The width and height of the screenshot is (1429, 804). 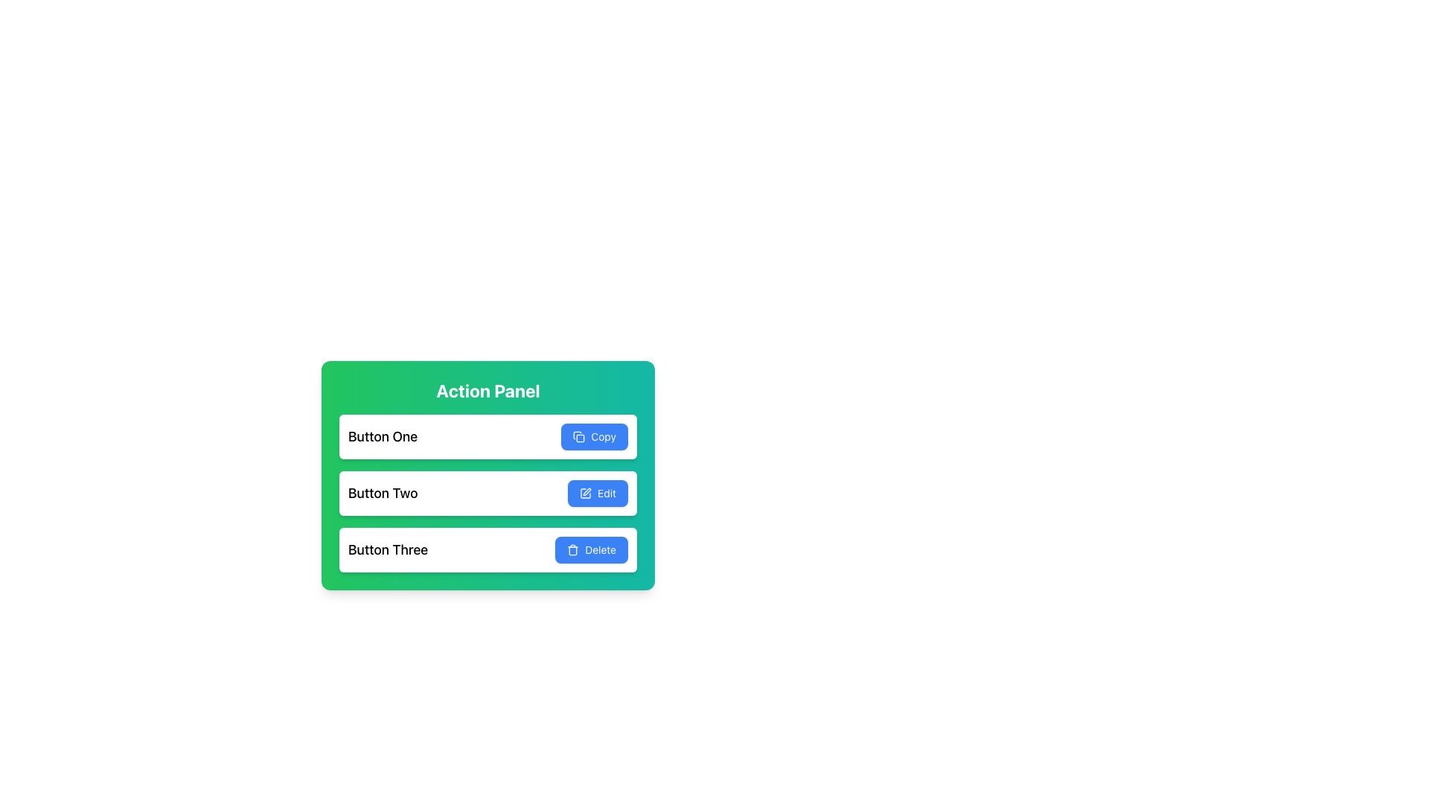 I want to click on the 'Copy' icon located in the upper-right corner of the blue 'Copy' button in the first row of the vertical action list panel, so click(x=577, y=435).